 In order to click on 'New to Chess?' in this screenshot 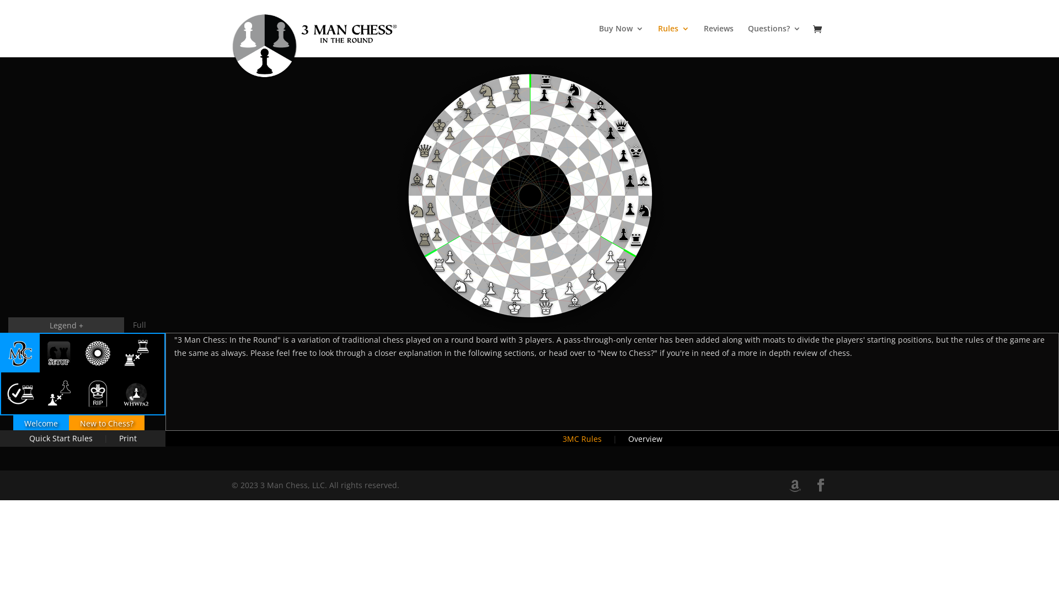, I will do `click(68, 422)`.